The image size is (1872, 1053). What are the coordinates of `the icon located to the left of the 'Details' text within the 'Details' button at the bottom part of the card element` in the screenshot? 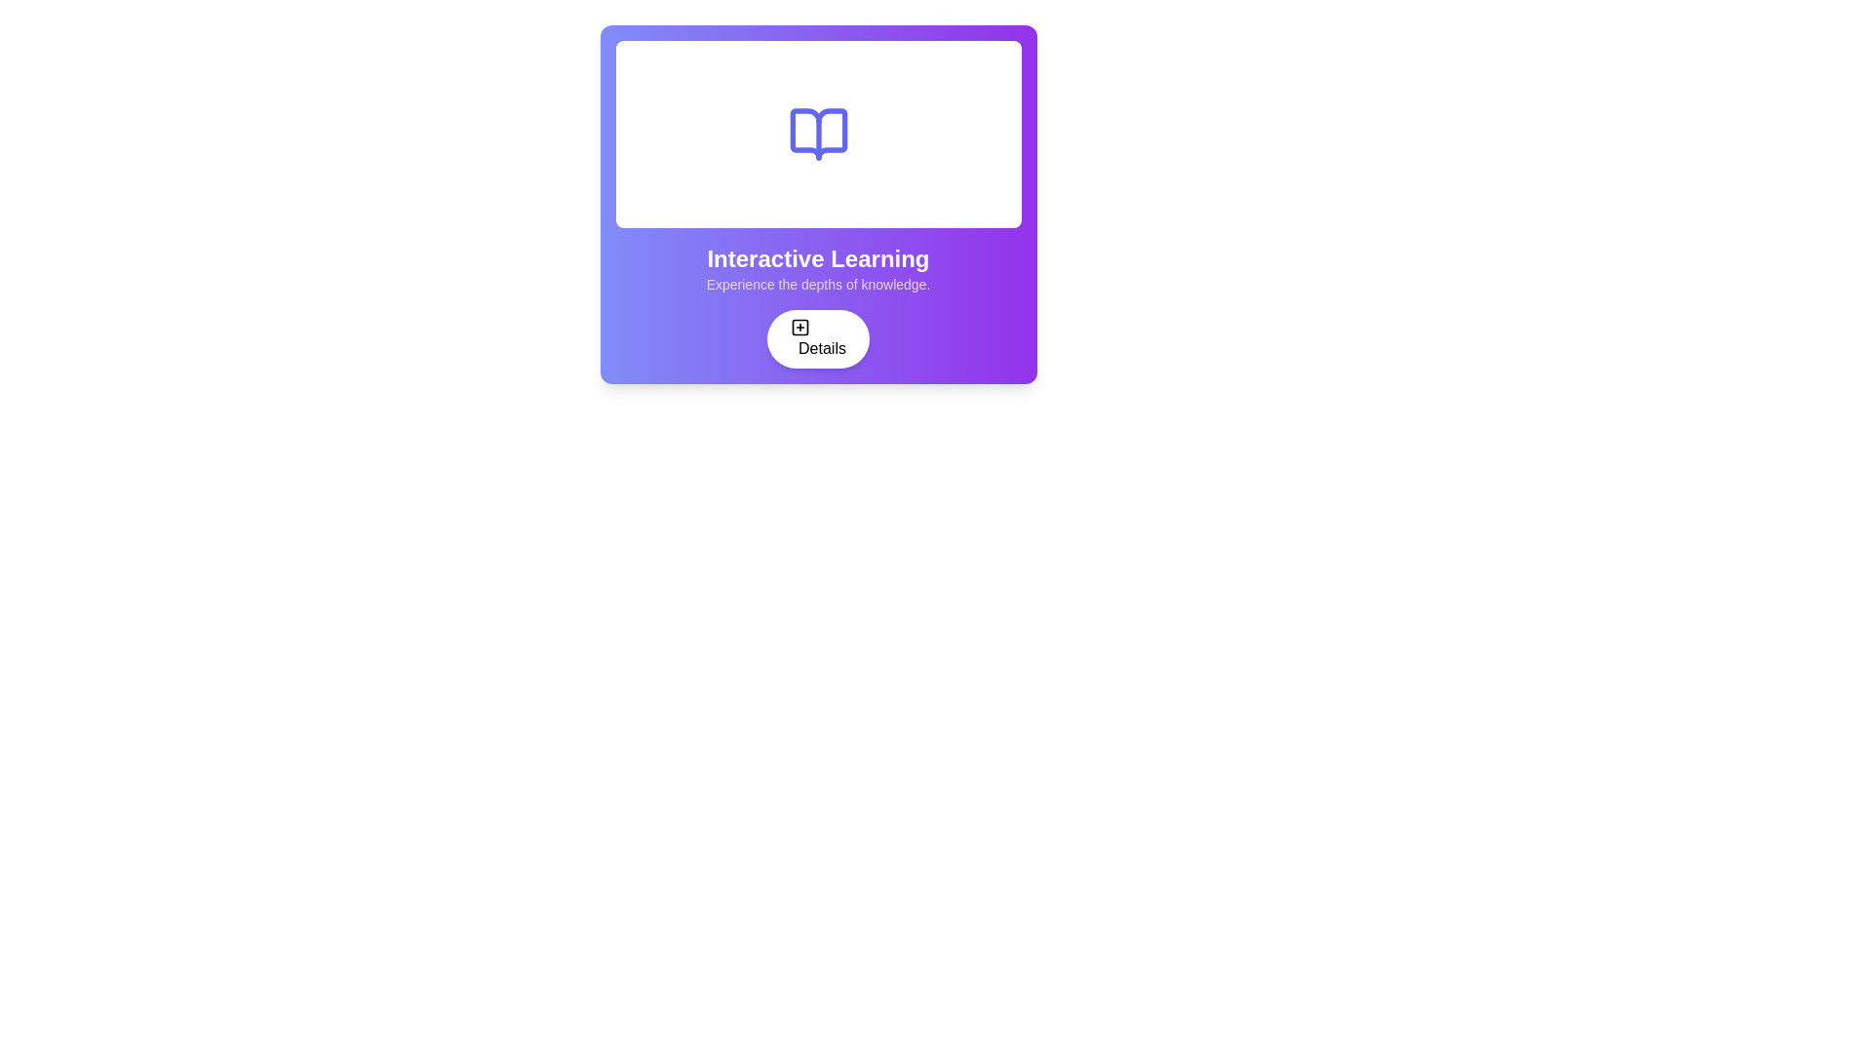 It's located at (799, 326).